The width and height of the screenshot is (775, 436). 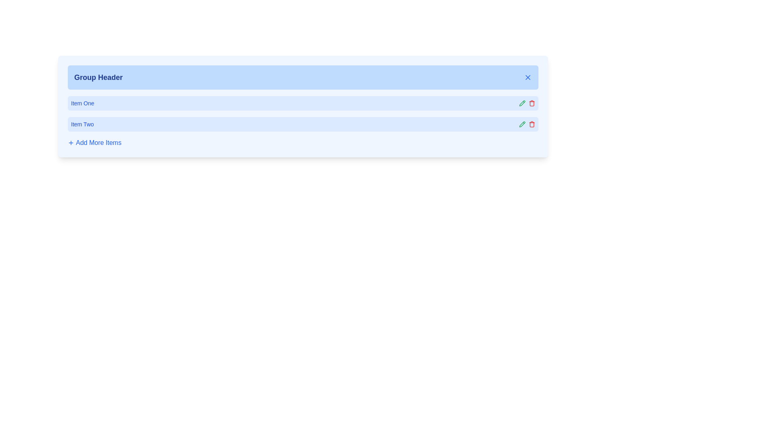 I want to click on the '+' icon, which is a minimalistic graphical representation with two intersecting lines, located at the bottom left of the 'Add More Items' button group under the 'Group Header', so click(x=71, y=143).